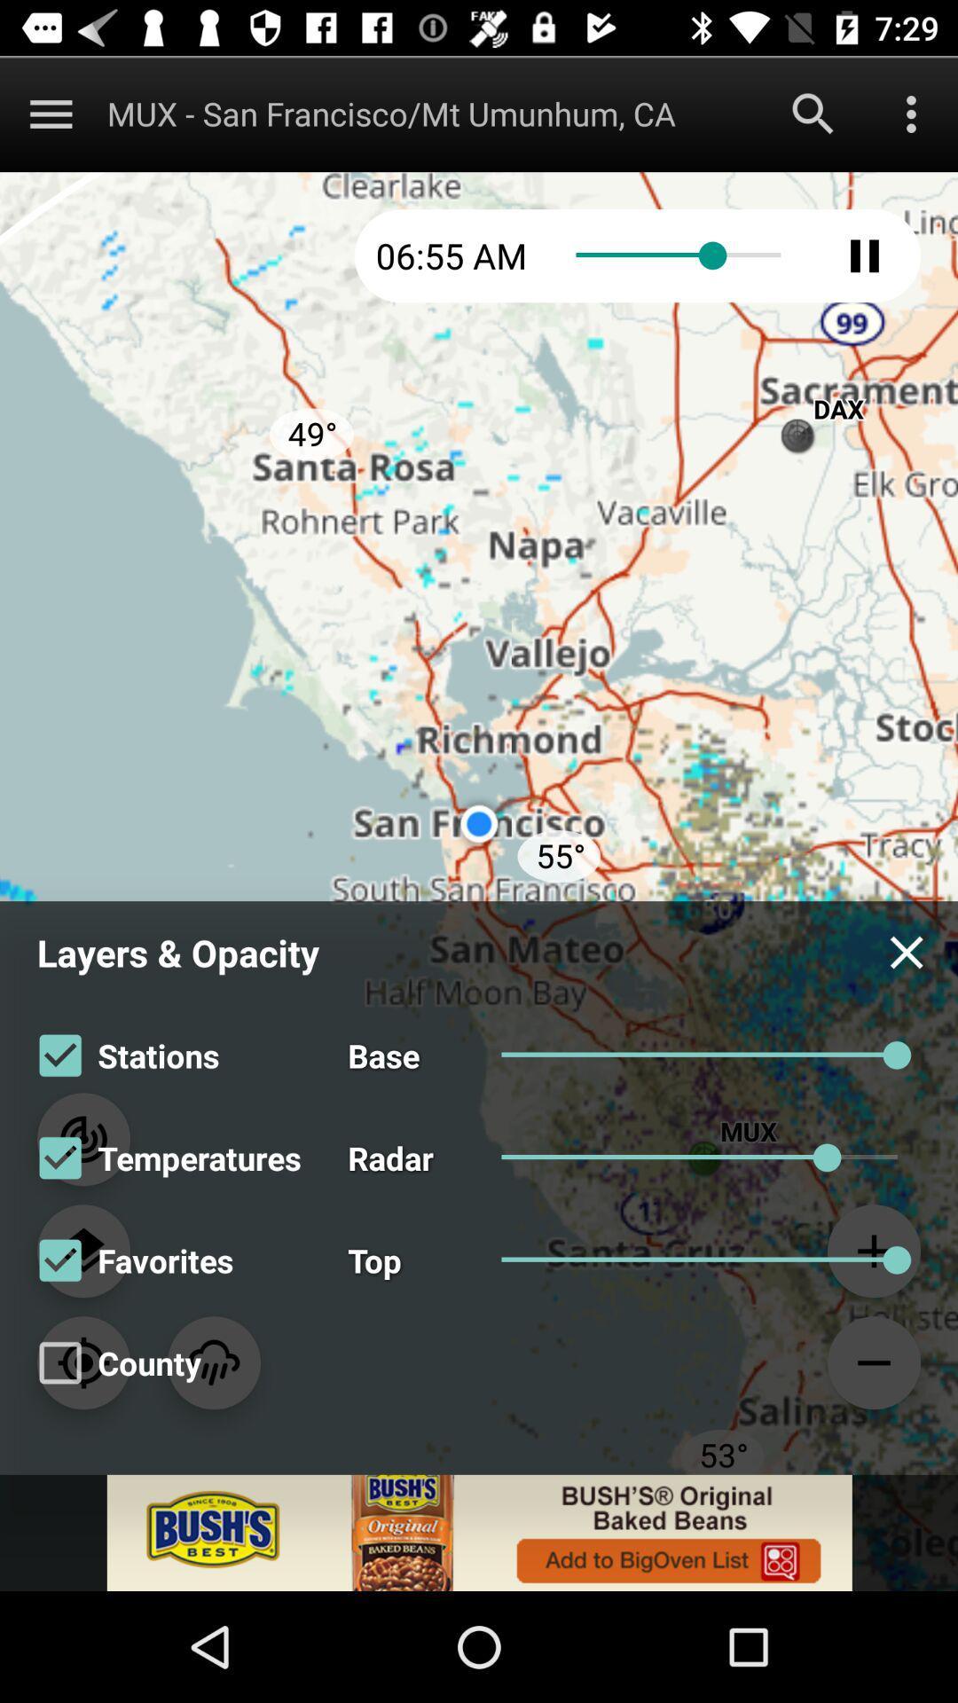 This screenshot has height=1703, width=958. What do you see at coordinates (911, 113) in the screenshot?
I see `the more icon` at bounding box center [911, 113].